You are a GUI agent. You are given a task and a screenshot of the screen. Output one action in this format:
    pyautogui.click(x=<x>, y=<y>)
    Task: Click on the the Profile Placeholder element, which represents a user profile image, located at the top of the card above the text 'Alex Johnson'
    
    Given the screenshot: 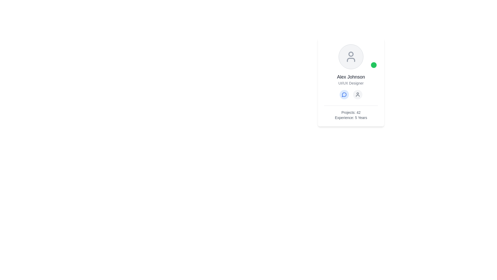 What is the action you would take?
    pyautogui.click(x=351, y=57)
    